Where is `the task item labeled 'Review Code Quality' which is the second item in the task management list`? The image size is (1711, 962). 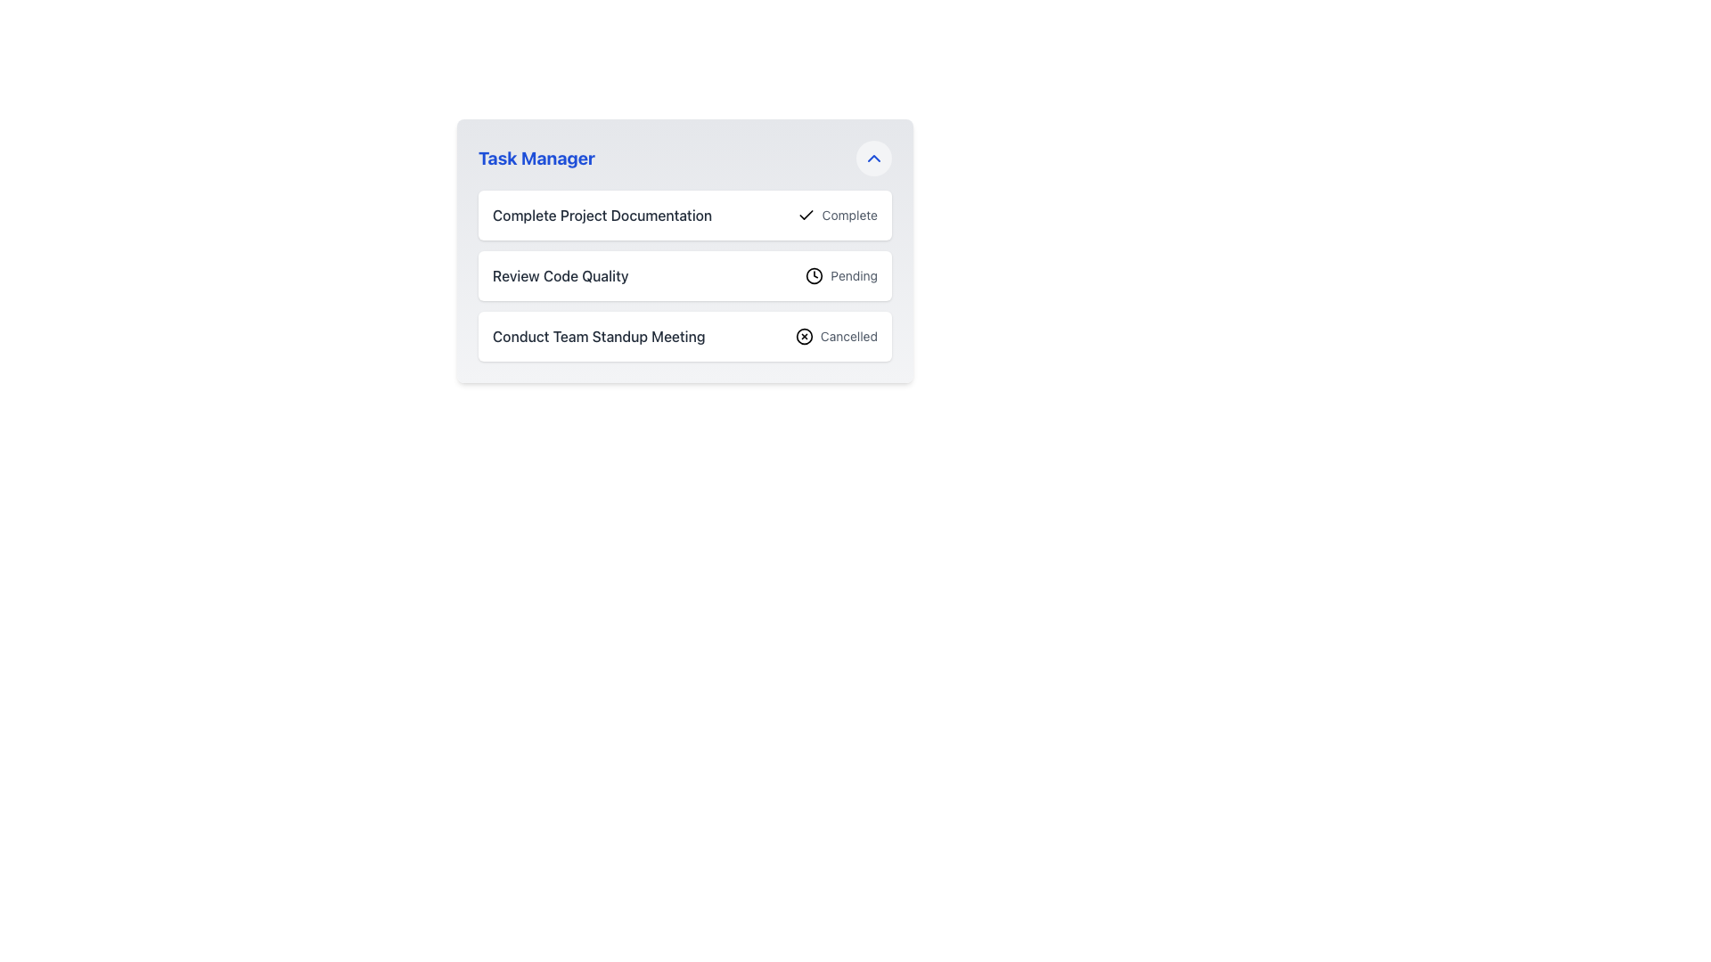
the task item labeled 'Review Code Quality' which is the second item in the task management list is located at coordinates (684, 275).